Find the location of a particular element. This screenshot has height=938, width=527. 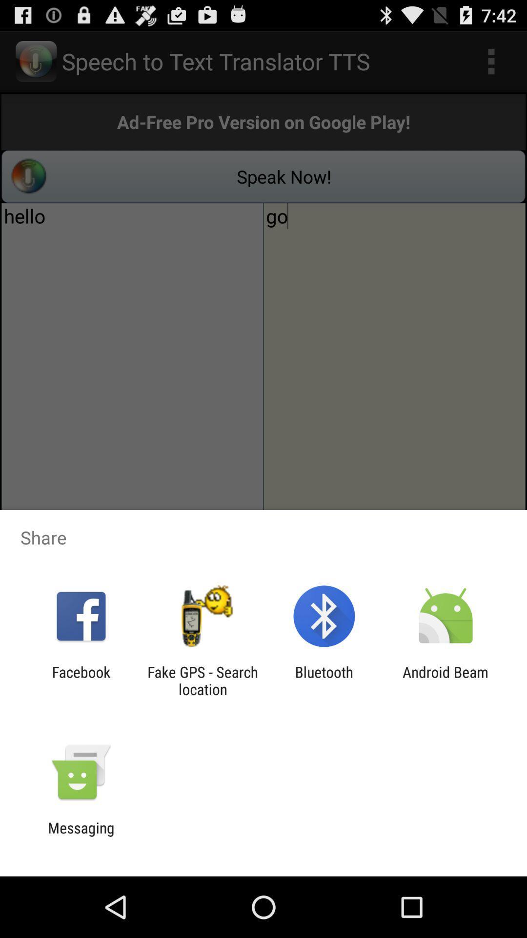

the item next to the facebook icon is located at coordinates (202, 680).